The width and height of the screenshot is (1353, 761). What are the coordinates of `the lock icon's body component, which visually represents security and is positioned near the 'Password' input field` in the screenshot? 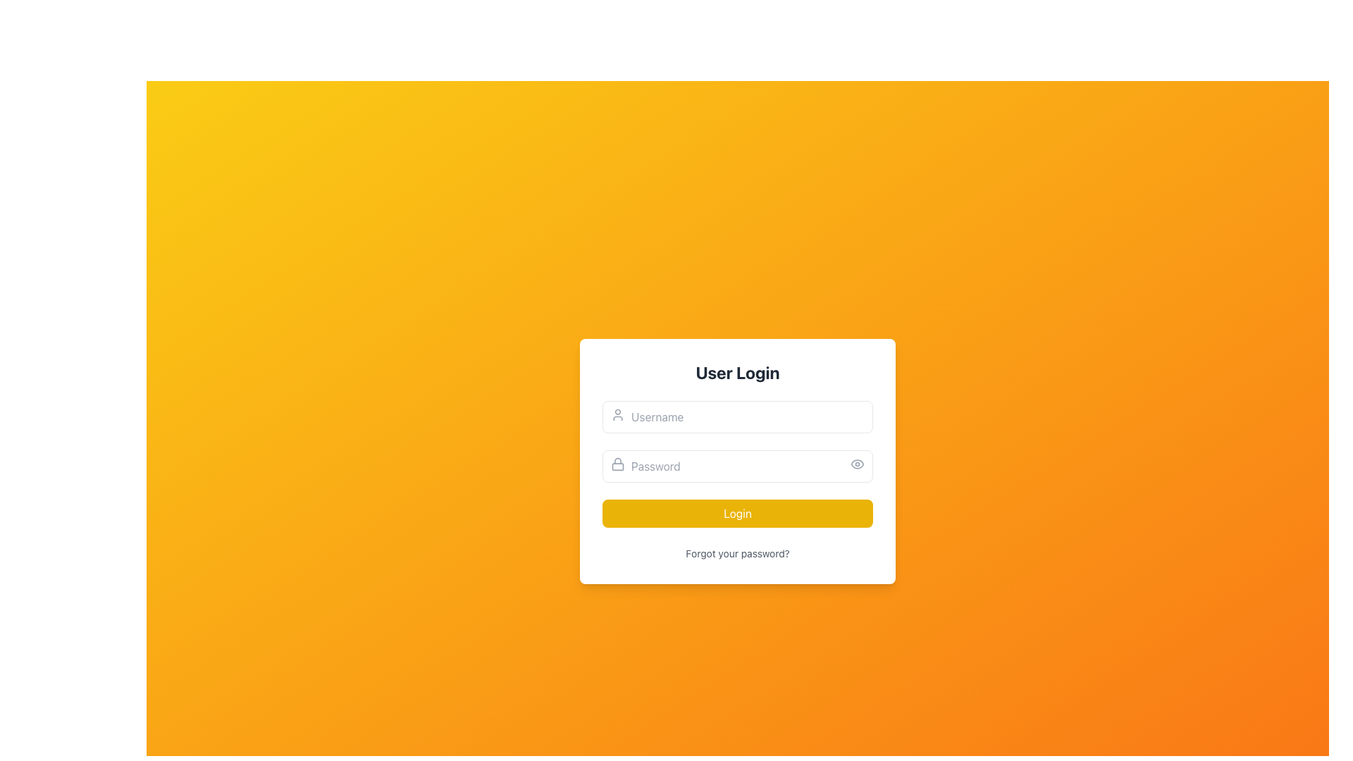 It's located at (618, 466).